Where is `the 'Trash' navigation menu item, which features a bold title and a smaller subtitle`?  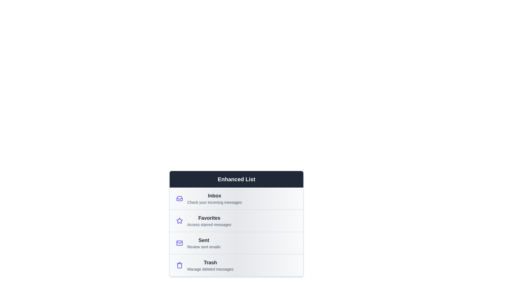 the 'Trash' navigation menu item, which features a bold title and a smaller subtitle is located at coordinates (210, 265).